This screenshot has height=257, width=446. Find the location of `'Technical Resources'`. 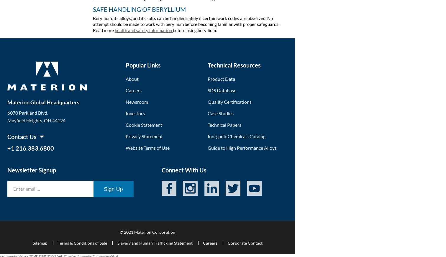

'Technical Resources' is located at coordinates (234, 65).